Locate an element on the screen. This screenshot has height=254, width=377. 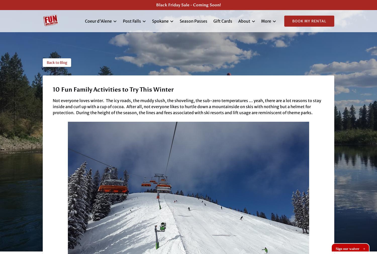
'All Spokane Rentals' is located at coordinates (171, 52).